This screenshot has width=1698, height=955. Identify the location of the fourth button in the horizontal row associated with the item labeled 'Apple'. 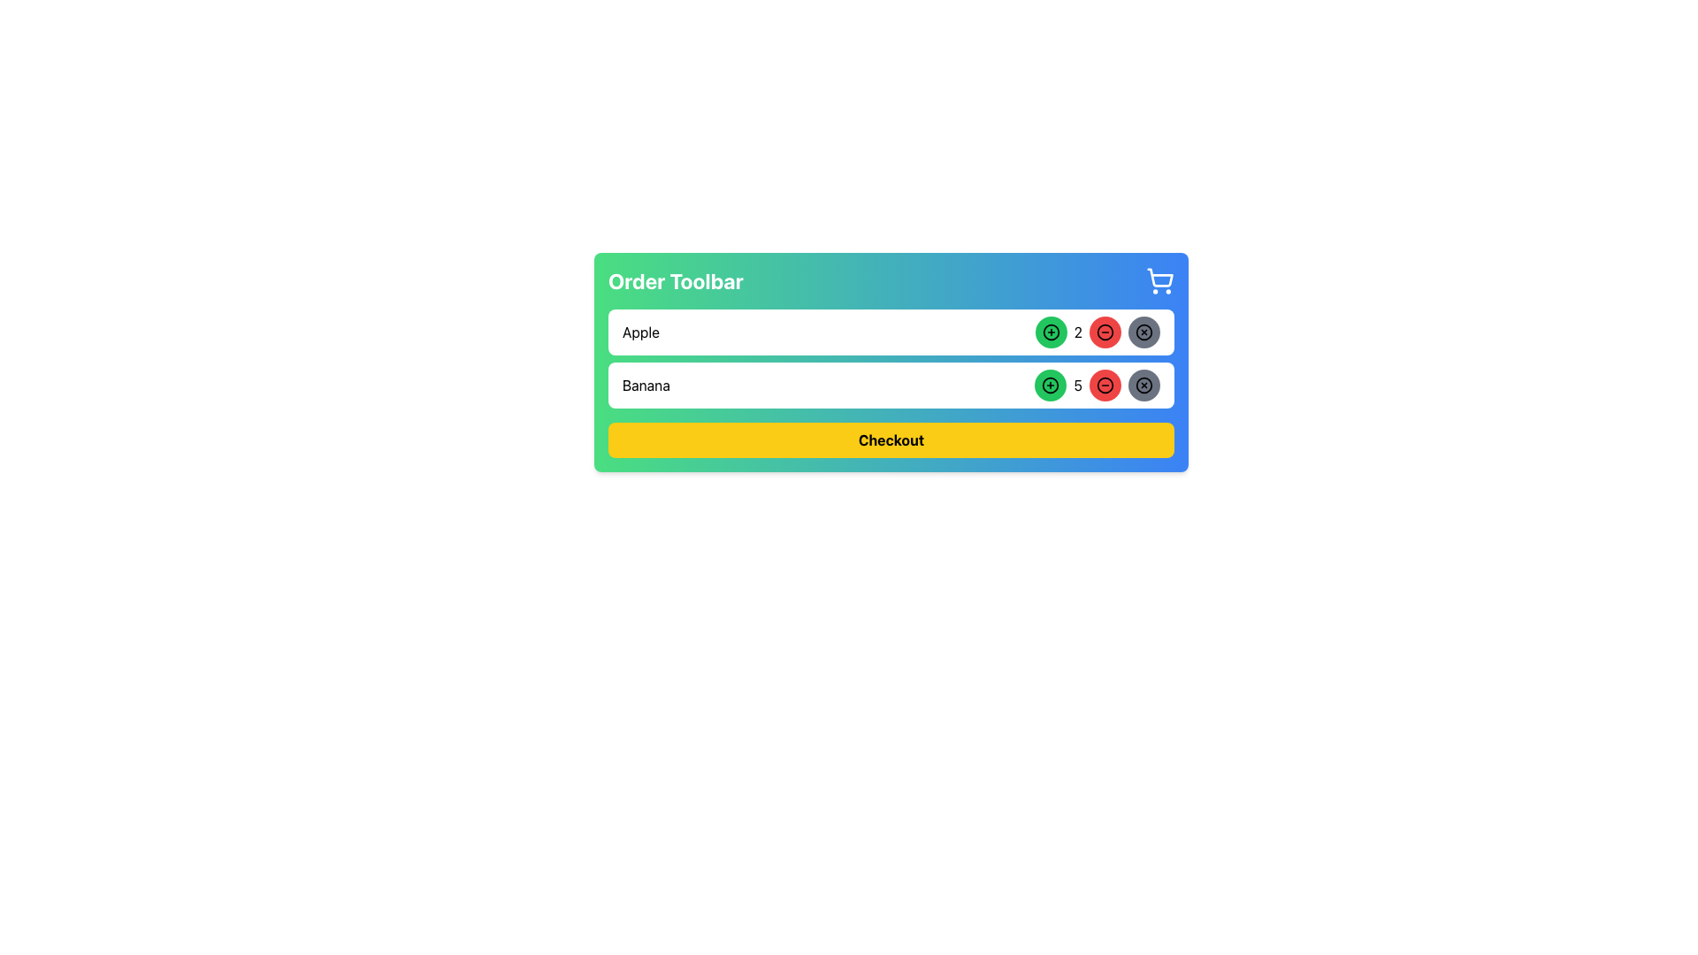
(1144, 332).